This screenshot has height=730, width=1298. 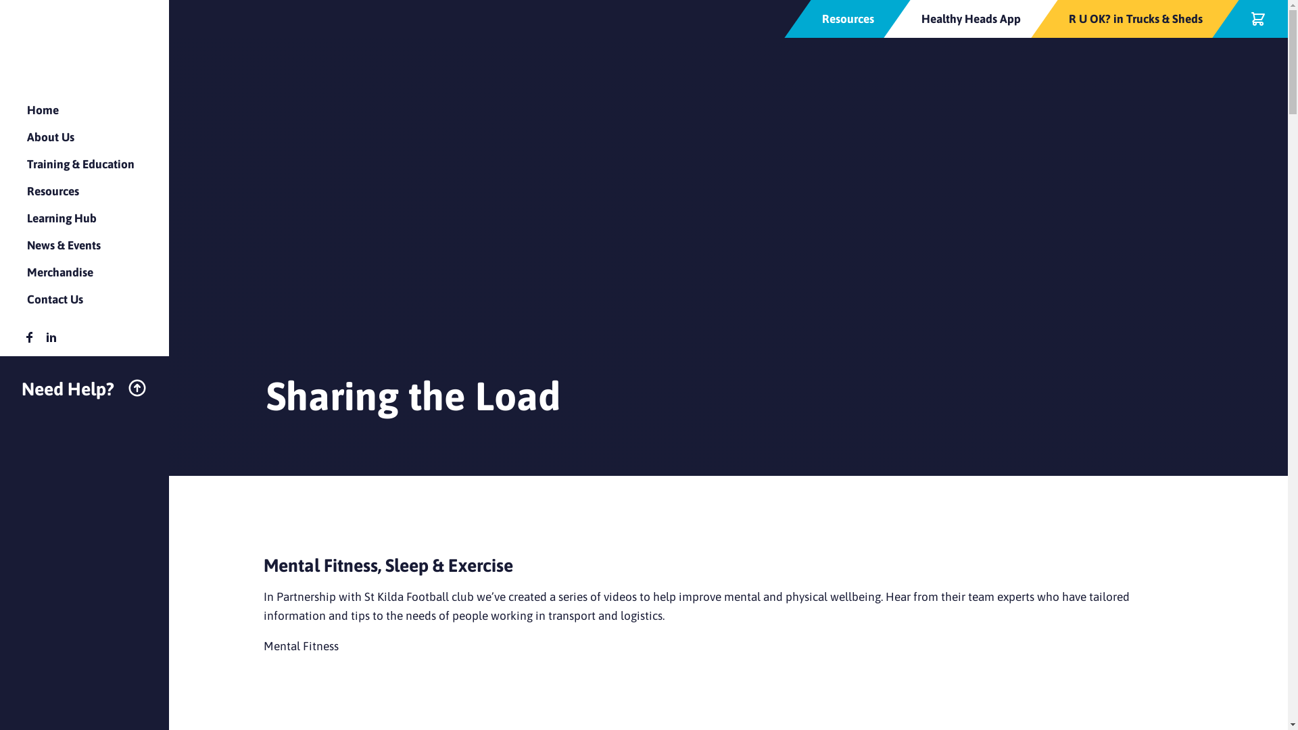 What do you see at coordinates (61, 218) in the screenshot?
I see `'Learning Hub'` at bounding box center [61, 218].